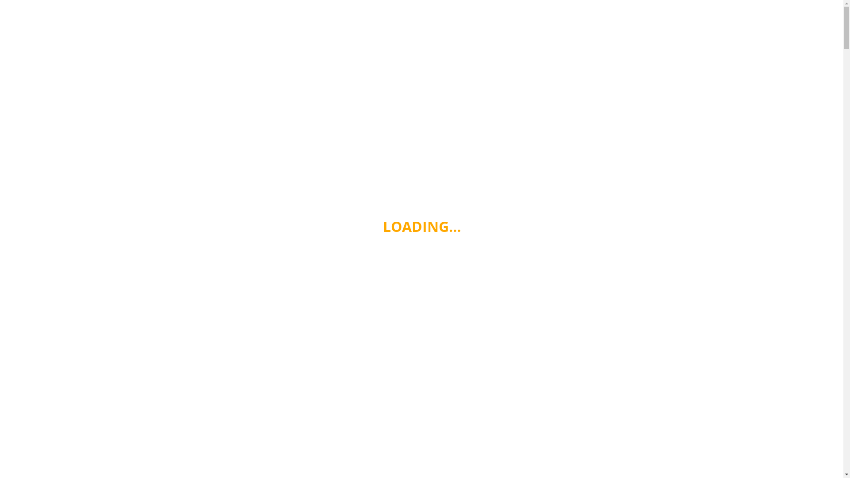 The width and height of the screenshot is (850, 478). Describe the element at coordinates (652, 12) in the screenshot. I see `'CONTACT'` at that location.